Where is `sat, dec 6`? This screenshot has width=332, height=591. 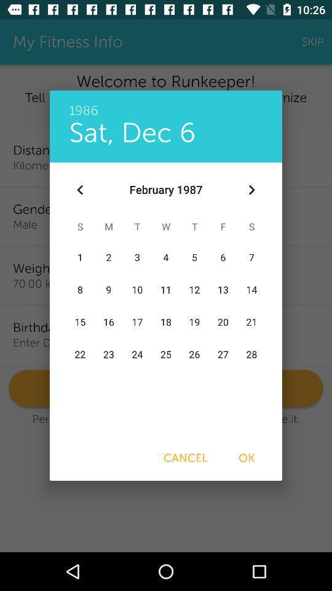 sat, dec 6 is located at coordinates (132, 132).